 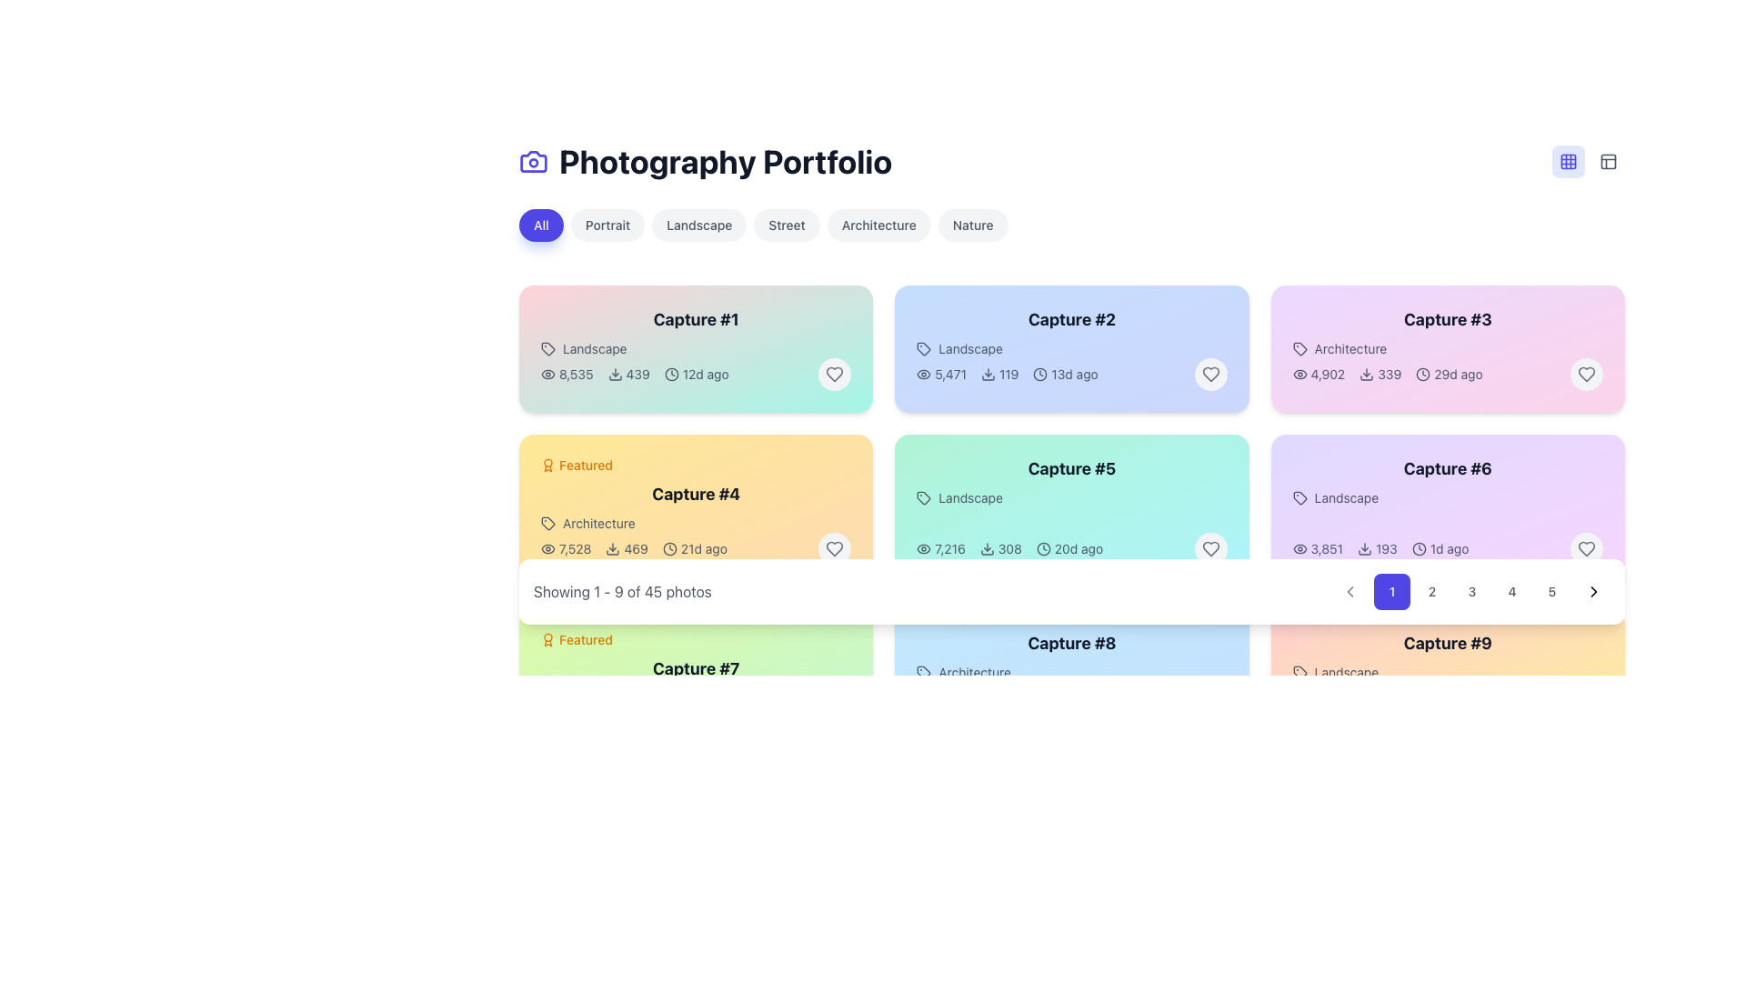 I want to click on the time ago icon located in the card labeled 'Capture #2', positioned to the right of the text '13d ago', so click(x=1040, y=374).